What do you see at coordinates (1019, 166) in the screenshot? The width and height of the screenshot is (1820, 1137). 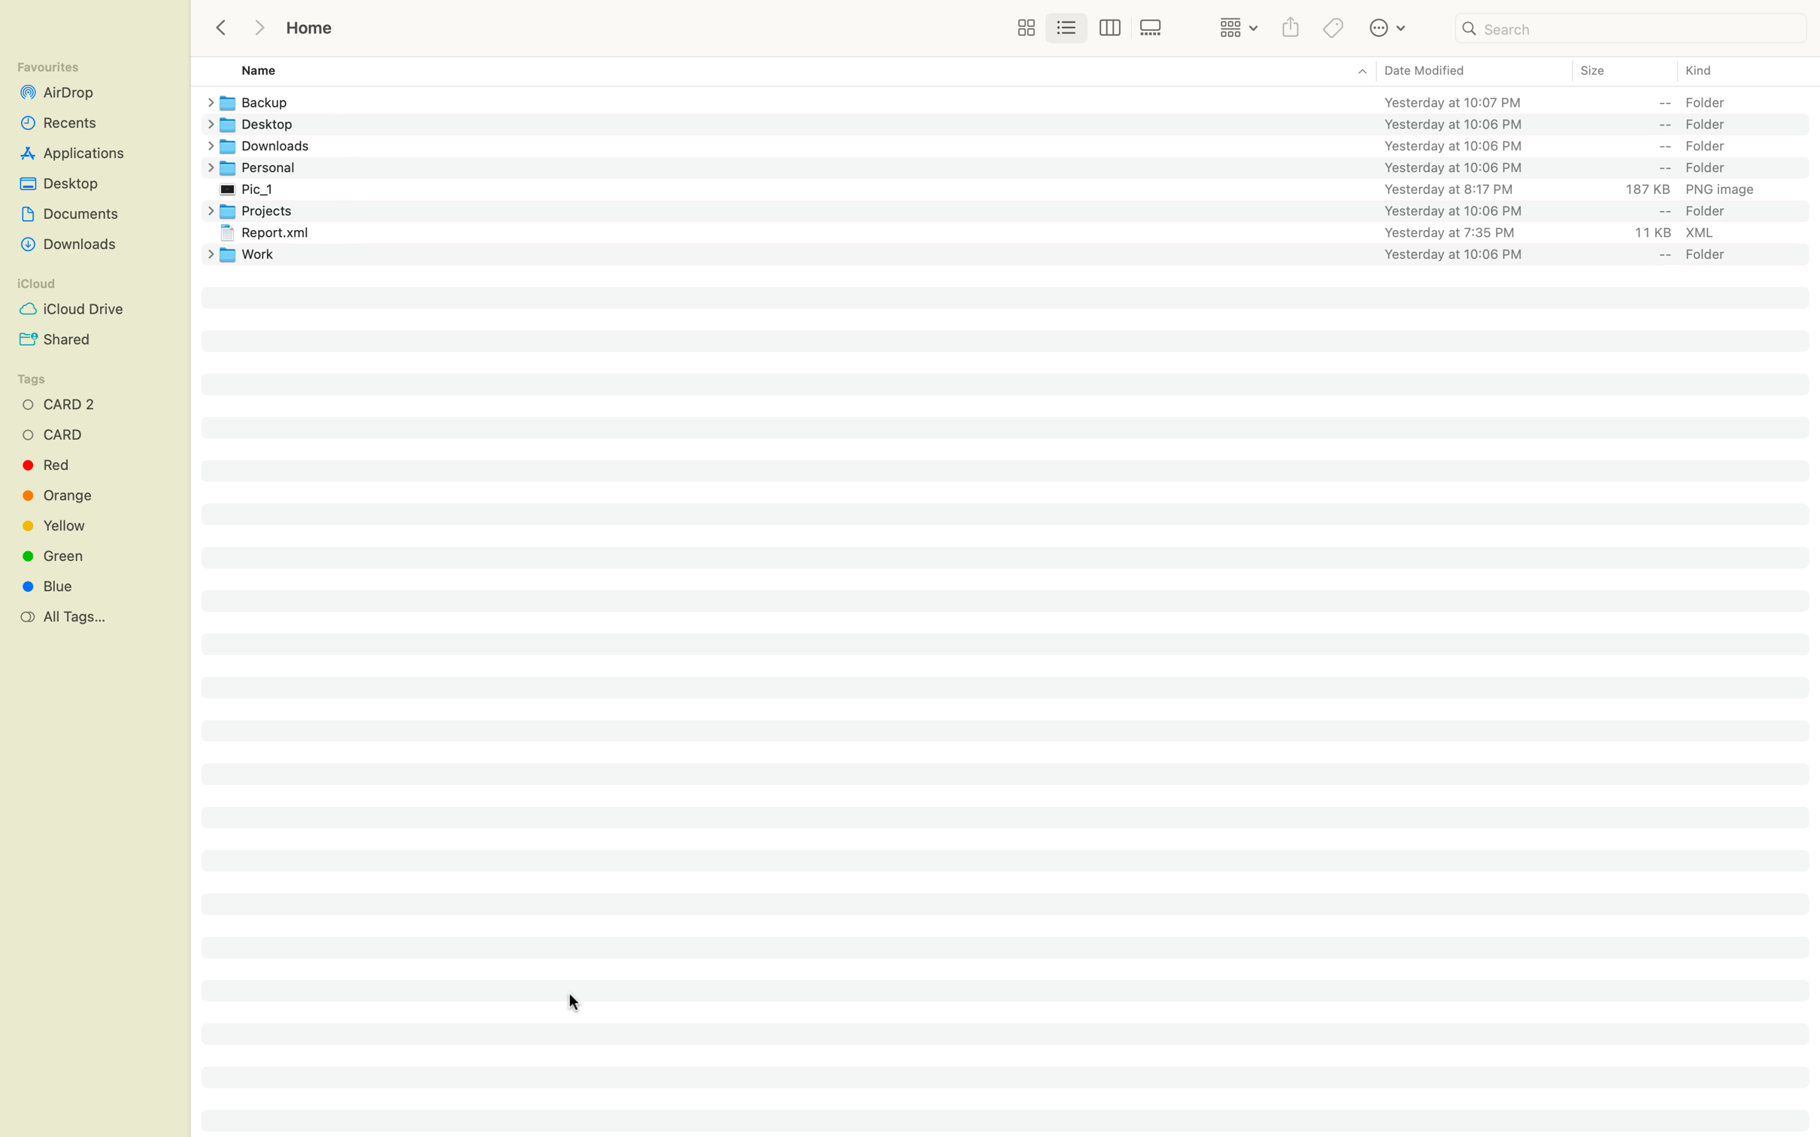 I see `the Personal folder and then go back to the previous folder` at bounding box center [1019, 166].